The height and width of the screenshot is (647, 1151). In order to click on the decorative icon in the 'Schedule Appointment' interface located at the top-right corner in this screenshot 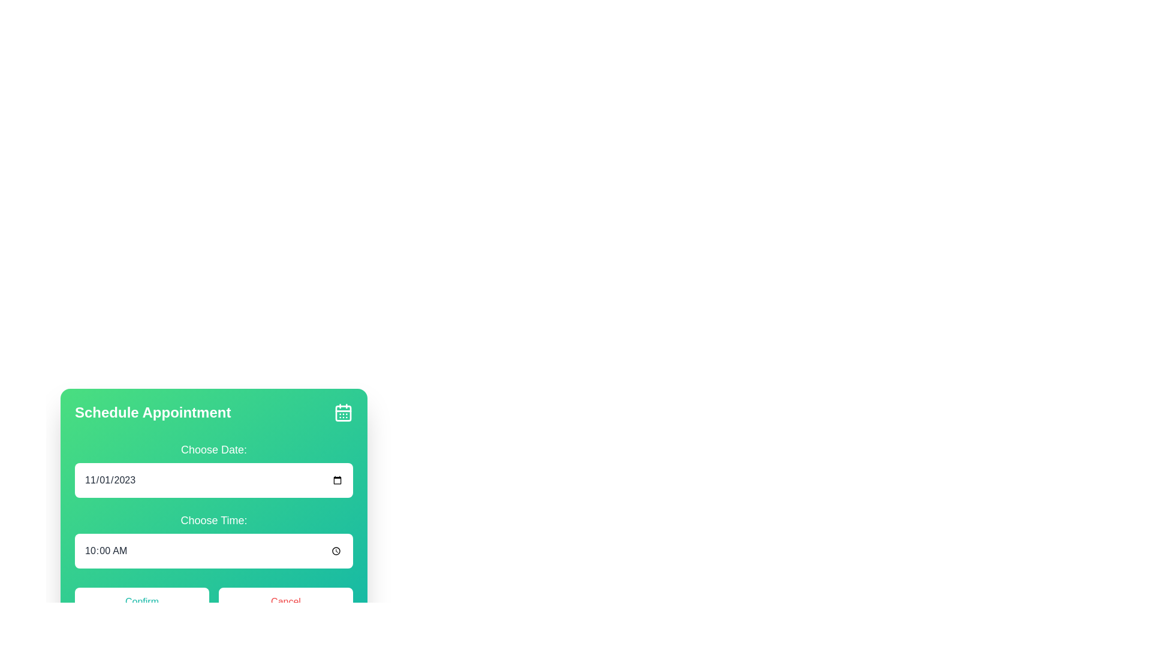, I will do `click(342, 413)`.